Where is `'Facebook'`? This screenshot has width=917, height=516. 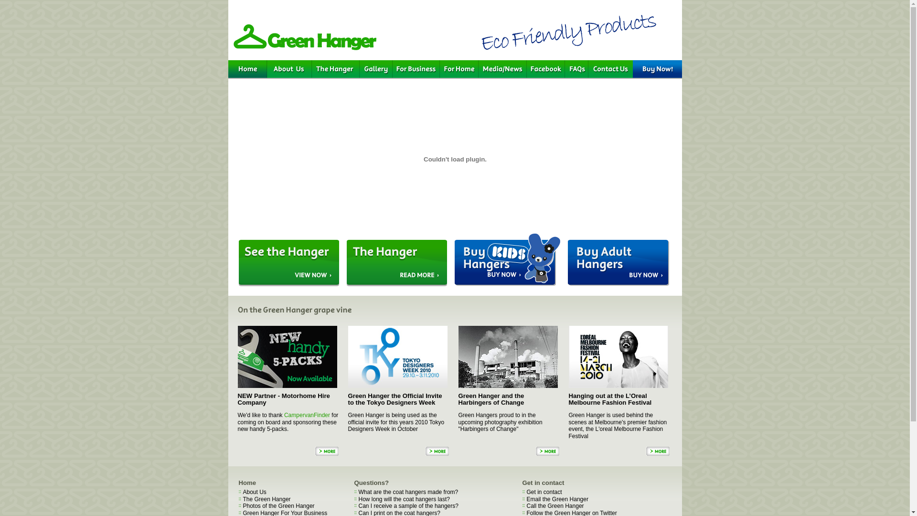 'Facebook' is located at coordinates (545, 69).